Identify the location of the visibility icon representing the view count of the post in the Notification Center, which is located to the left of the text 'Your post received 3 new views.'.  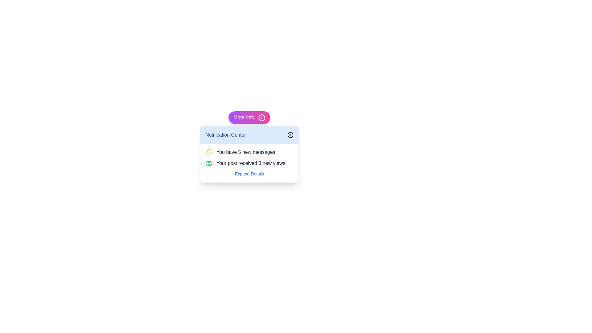
(209, 163).